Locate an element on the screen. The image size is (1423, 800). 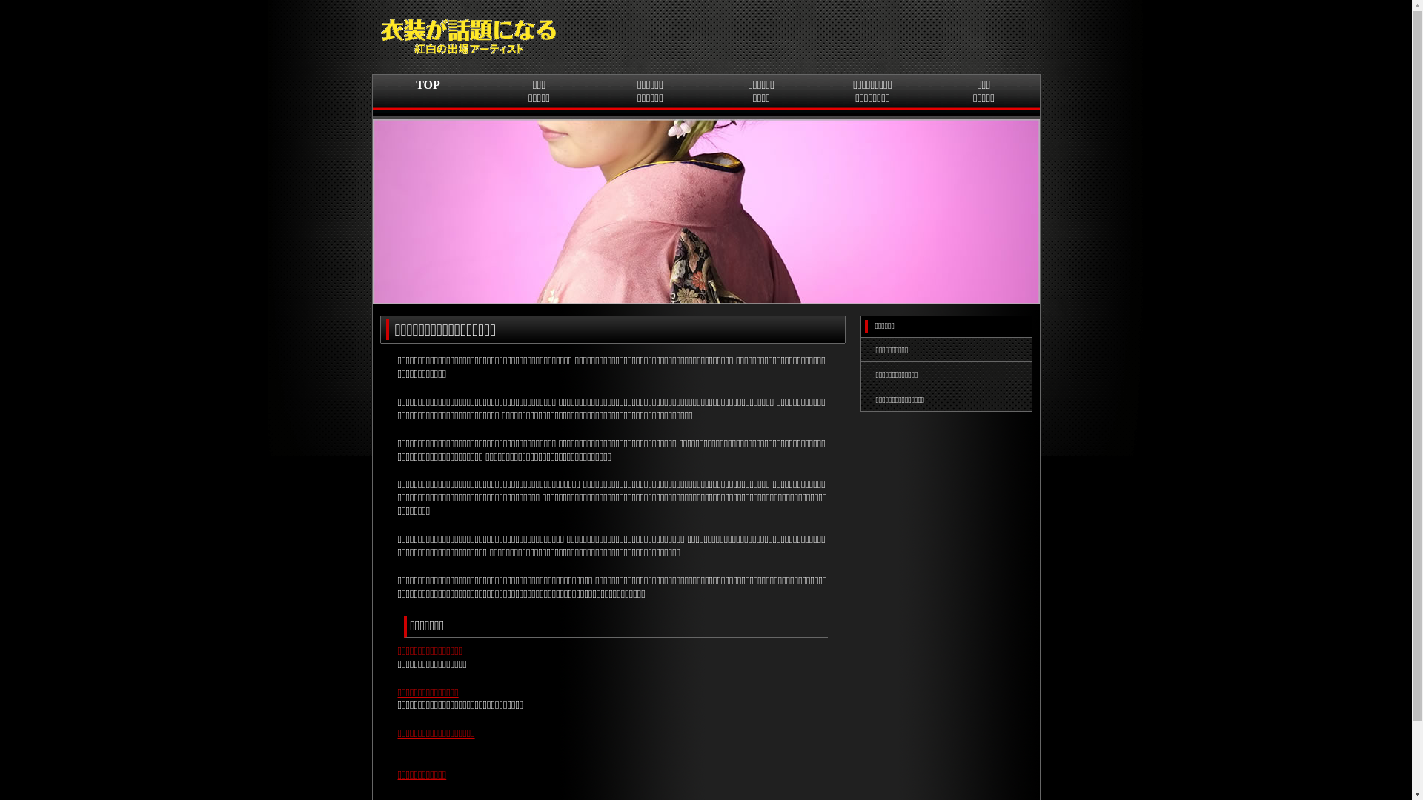
'TOP' is located at coordinates (426, 97).